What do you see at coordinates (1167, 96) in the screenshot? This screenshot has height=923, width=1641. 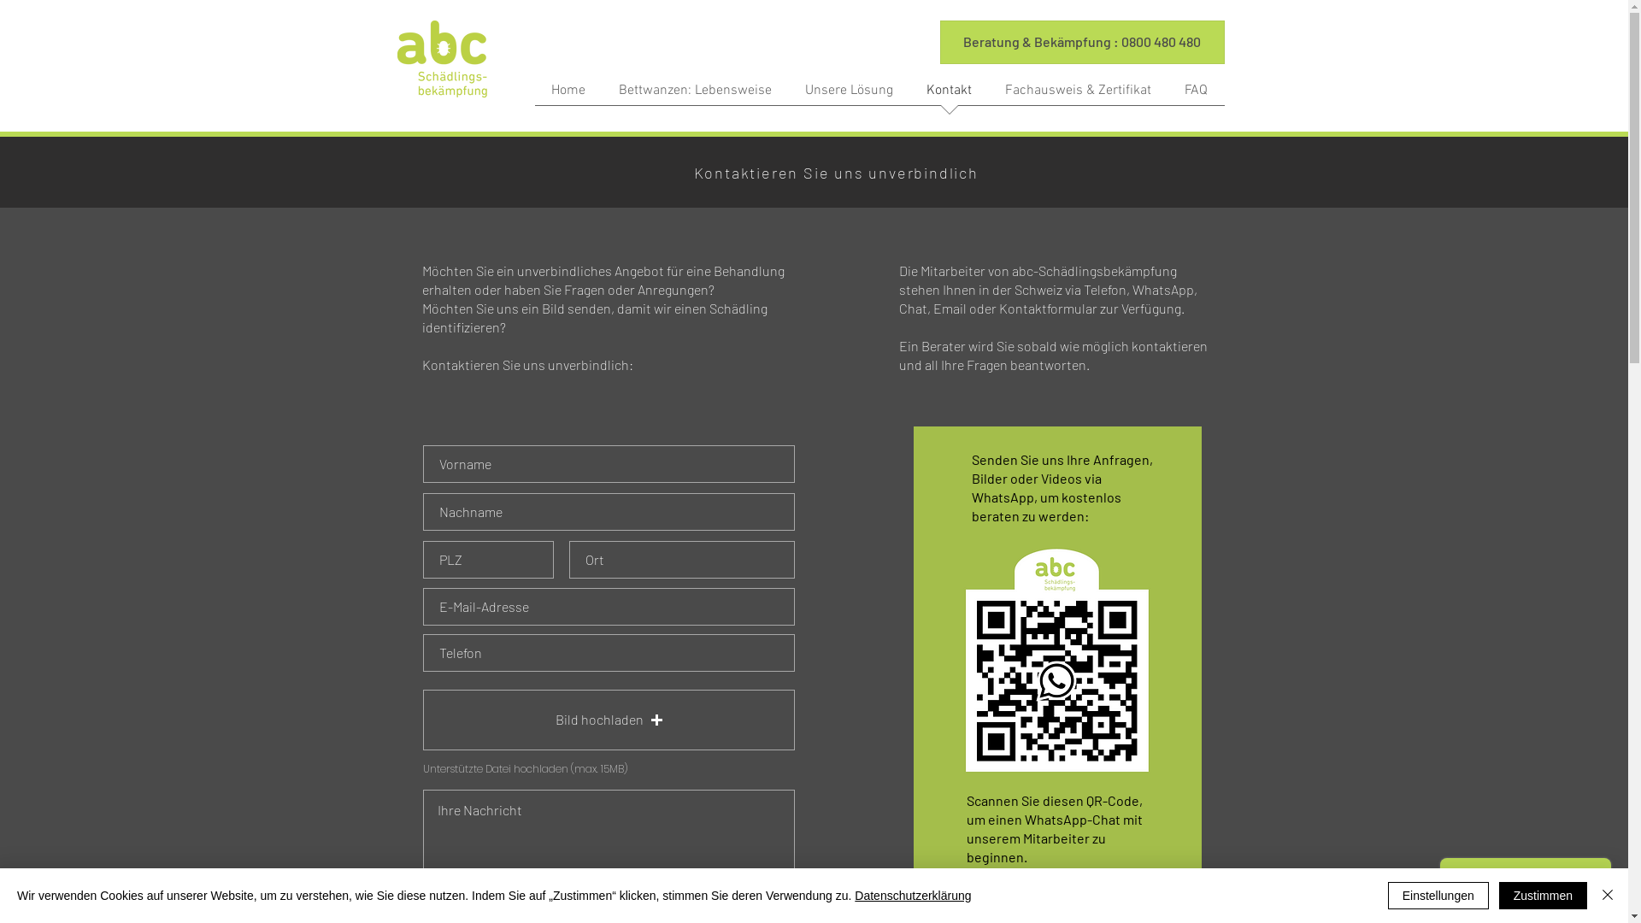 I see `'FAQ'` at bounding box center [1167, 96].